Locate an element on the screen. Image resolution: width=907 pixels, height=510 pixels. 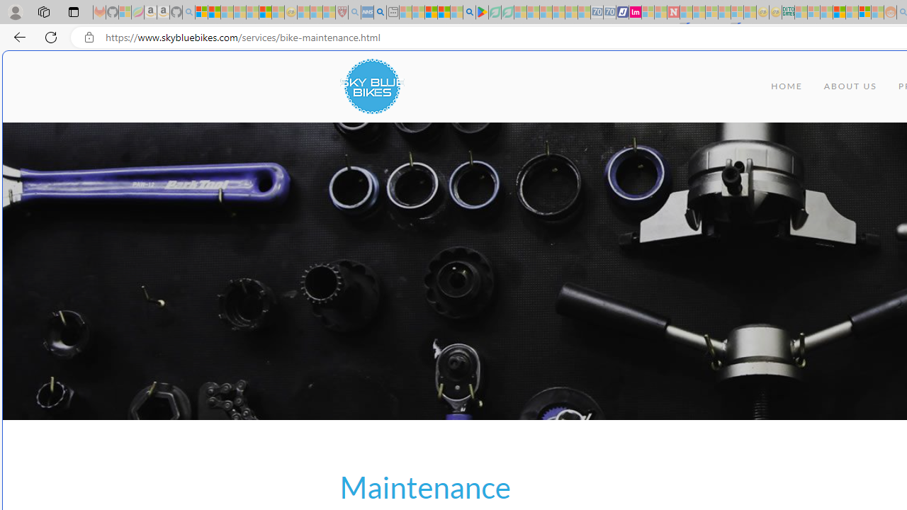
'New Report Confirms 2023 Was Record Hot | Watch - Sleeping' is located at coordinates (252, 12).